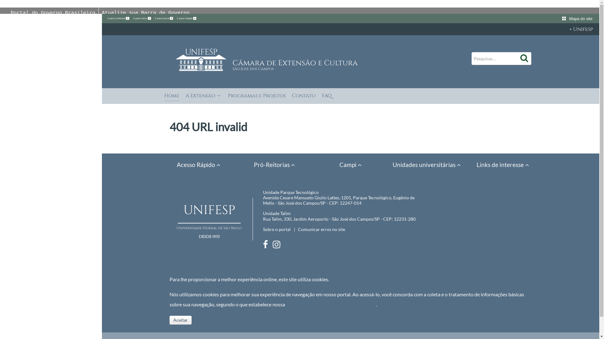 The width and height of the screenshot is (604, 339). What do you see at coordinates (297, 229) in the screenshot?
I see `'Comunicar erros no site'` at bounding box center [297, 229].